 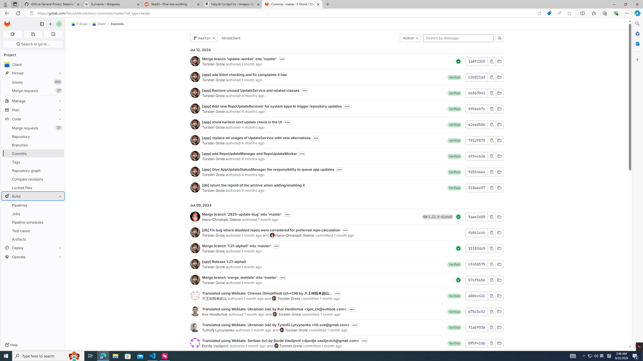 What do you see at coordinates (59, 179) in the screenshot?
I see `'Pin Compare revisions'` at bounding box center [59, 179].